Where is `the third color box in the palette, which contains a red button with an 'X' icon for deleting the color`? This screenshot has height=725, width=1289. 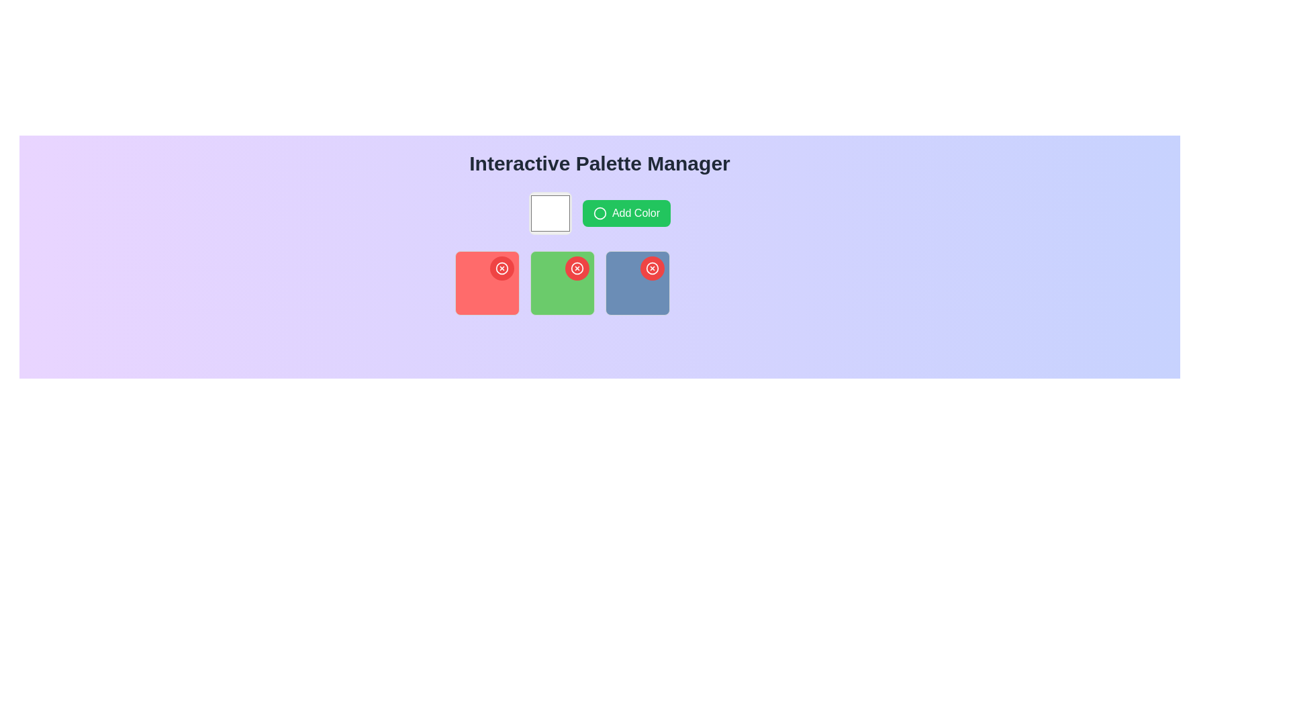 the third color box in the palette, which contains a red button with an 'X' icon for deleting the color is located at coordinates (636, 282).